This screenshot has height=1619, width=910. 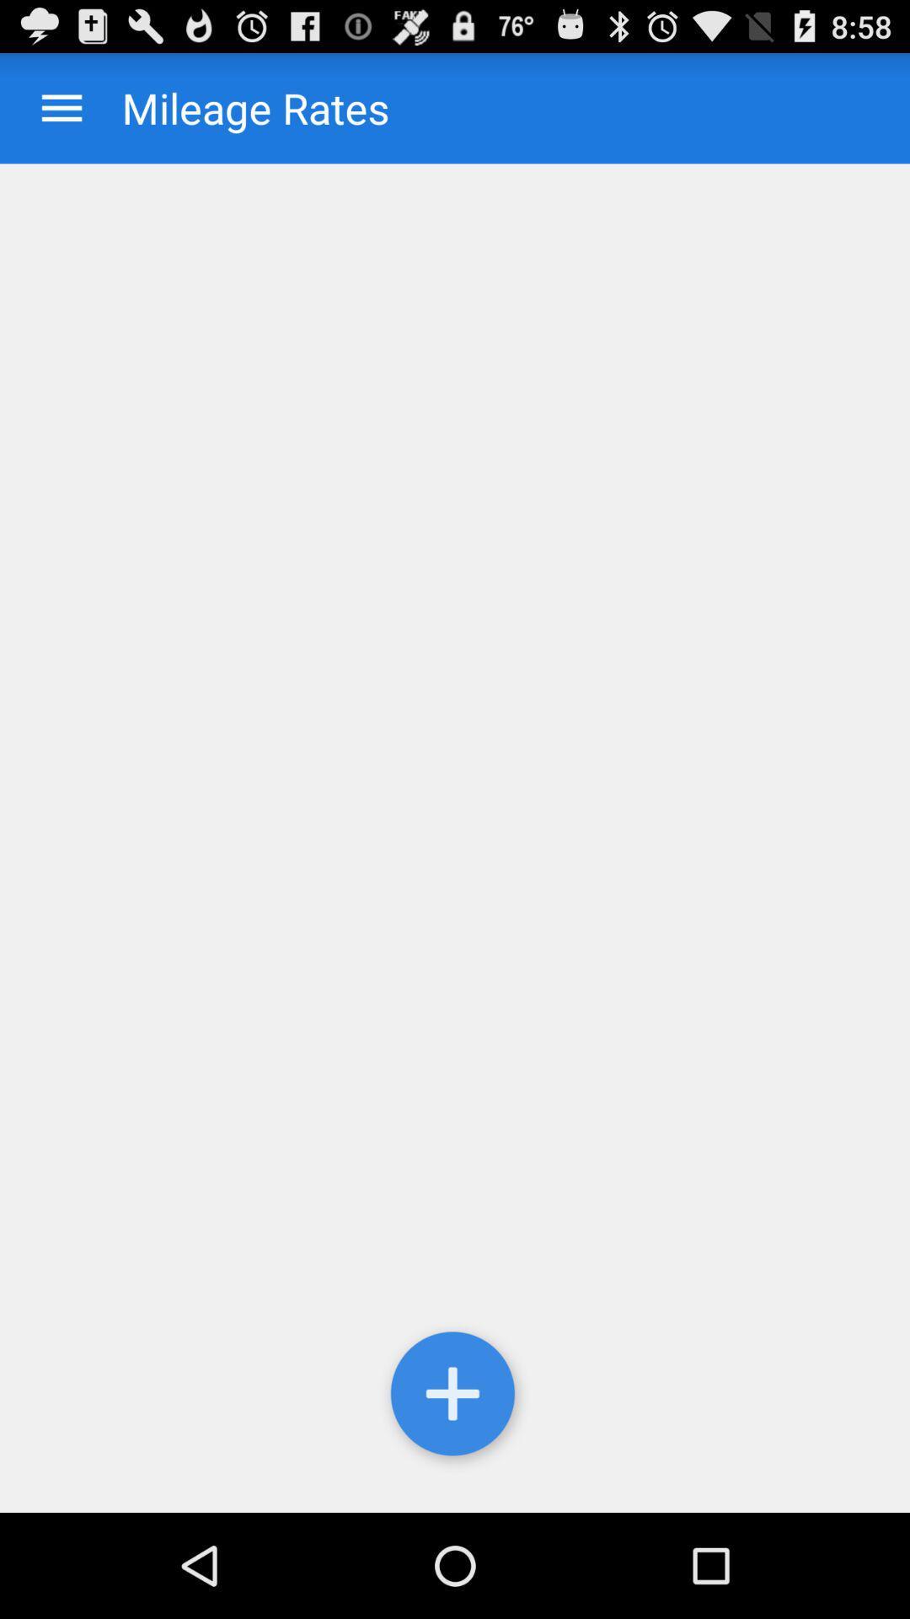 I want to click on item below the mileage rates icon, so click(x=455, y=1397).